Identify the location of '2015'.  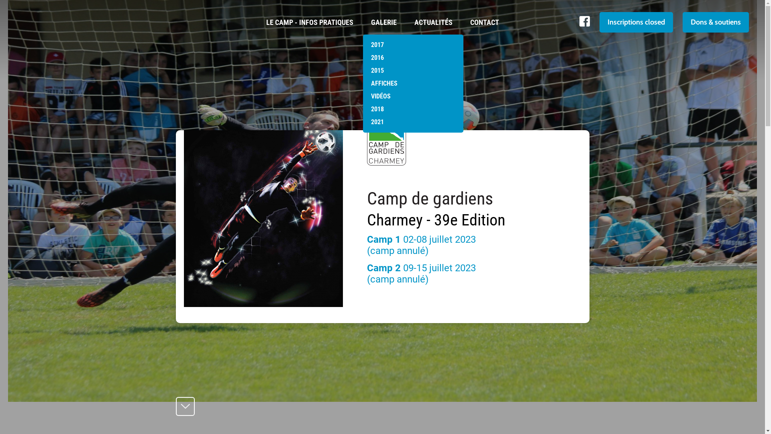
(413, 70).